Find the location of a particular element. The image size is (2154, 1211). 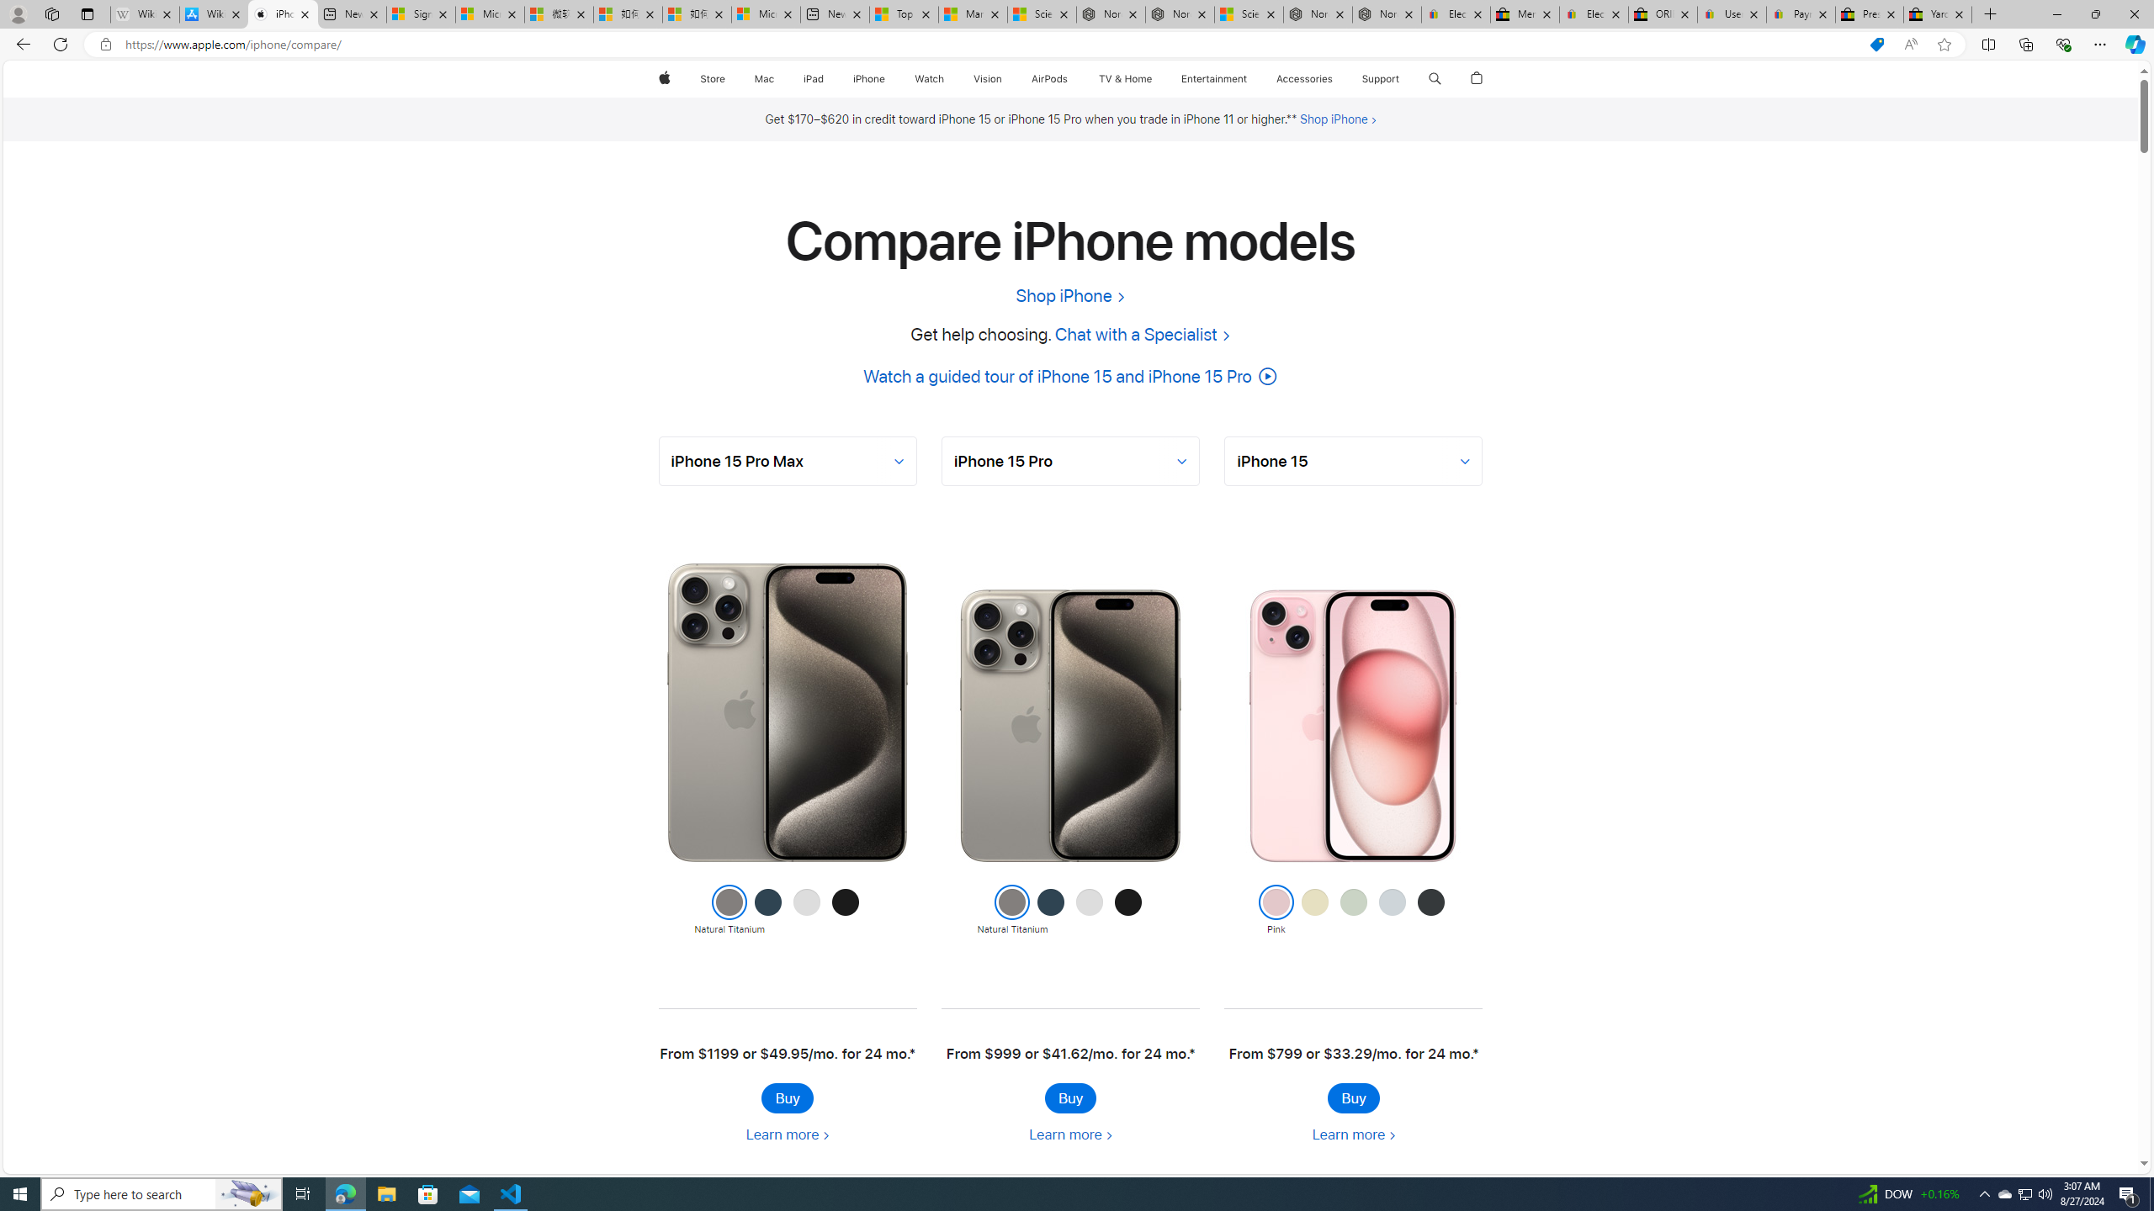

'Class: colornav-link' is located at coordinates (1430, 902).